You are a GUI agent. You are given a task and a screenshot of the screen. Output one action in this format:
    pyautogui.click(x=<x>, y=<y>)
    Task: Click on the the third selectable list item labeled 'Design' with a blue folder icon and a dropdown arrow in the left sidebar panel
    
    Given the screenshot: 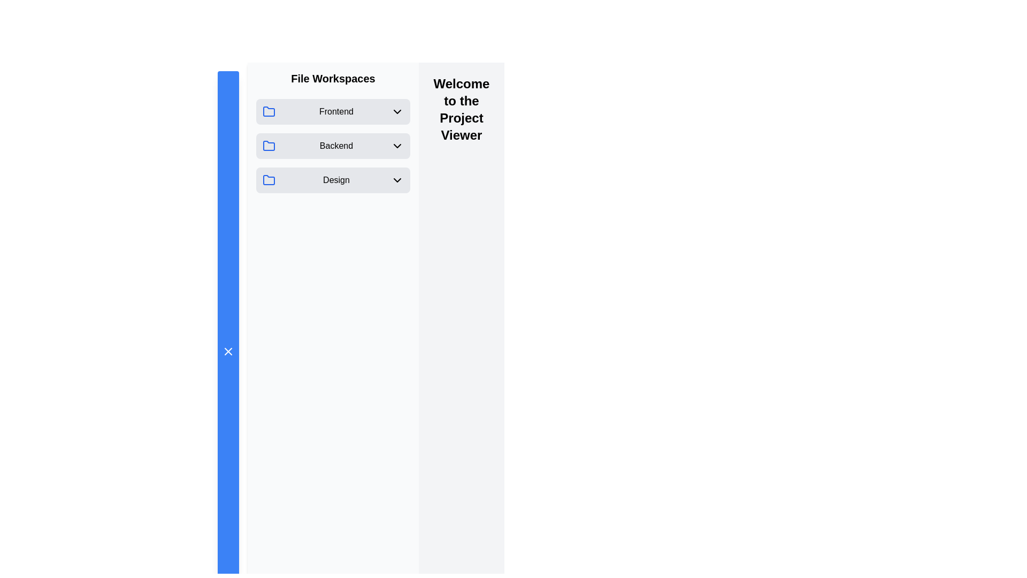 What is the action you would take?
    pyautogui.click(x=333, y=179)
    